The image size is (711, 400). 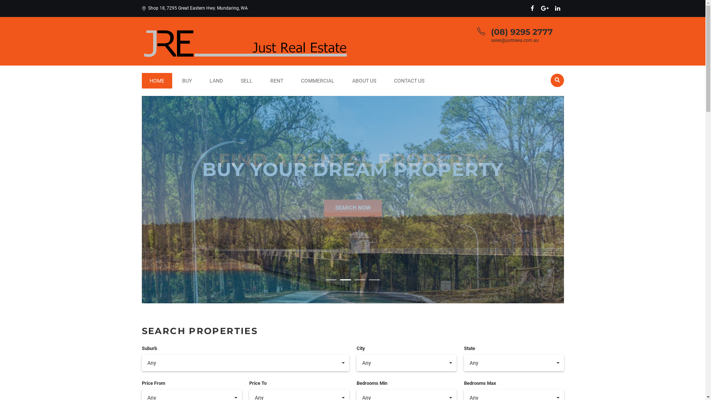 What do you see at coordinates (344, 81) in the screenshot?
I see `'ABOUT US'` at bounding box center [344, 81].